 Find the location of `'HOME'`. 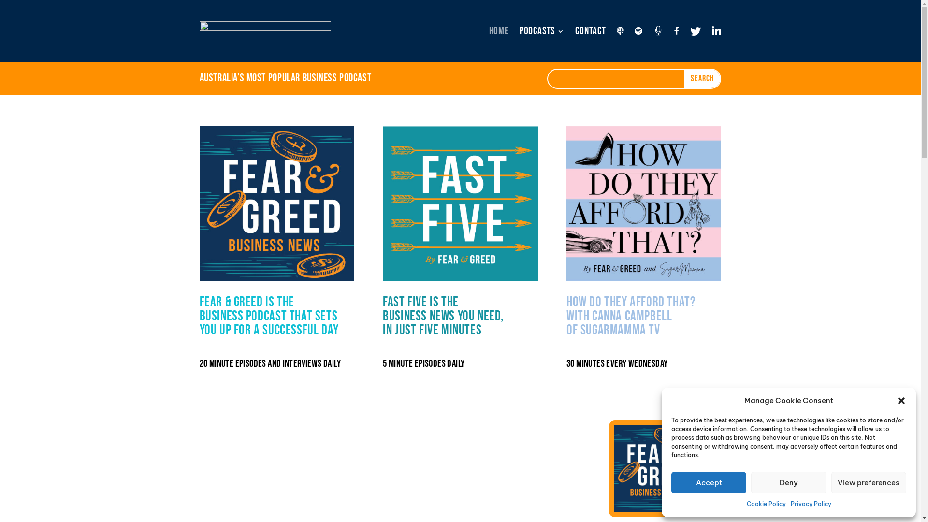

'HOME' is located at coordinates (499, 31).